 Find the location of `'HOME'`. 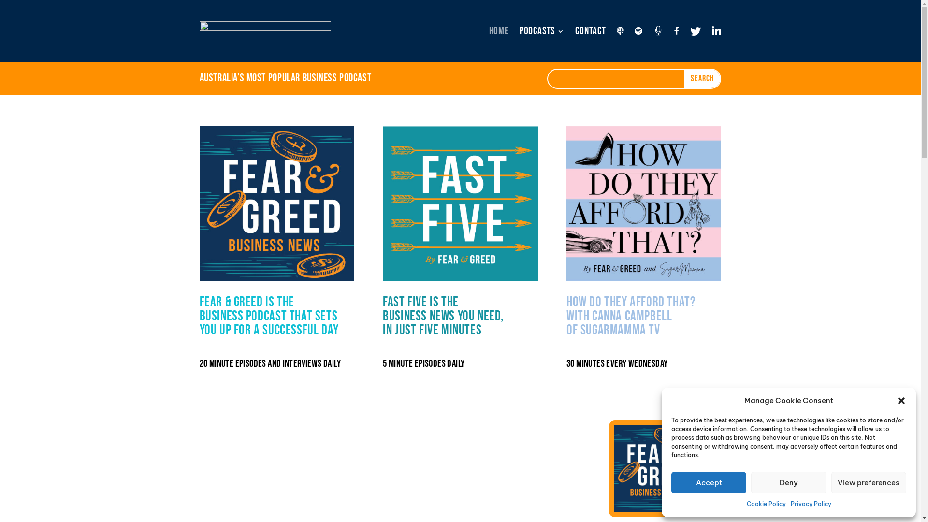

'HOME' is located at coordinates (499, 31).